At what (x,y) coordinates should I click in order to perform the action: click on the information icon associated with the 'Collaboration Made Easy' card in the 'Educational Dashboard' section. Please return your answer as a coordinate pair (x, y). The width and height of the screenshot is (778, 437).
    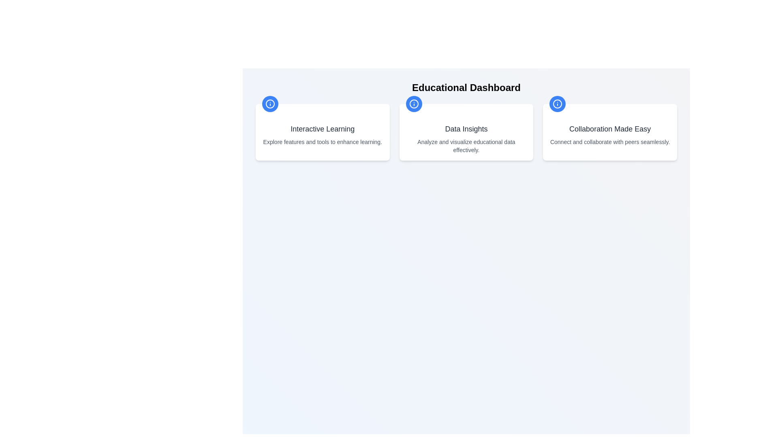
    Looking at the image, I should click on (557, 104).